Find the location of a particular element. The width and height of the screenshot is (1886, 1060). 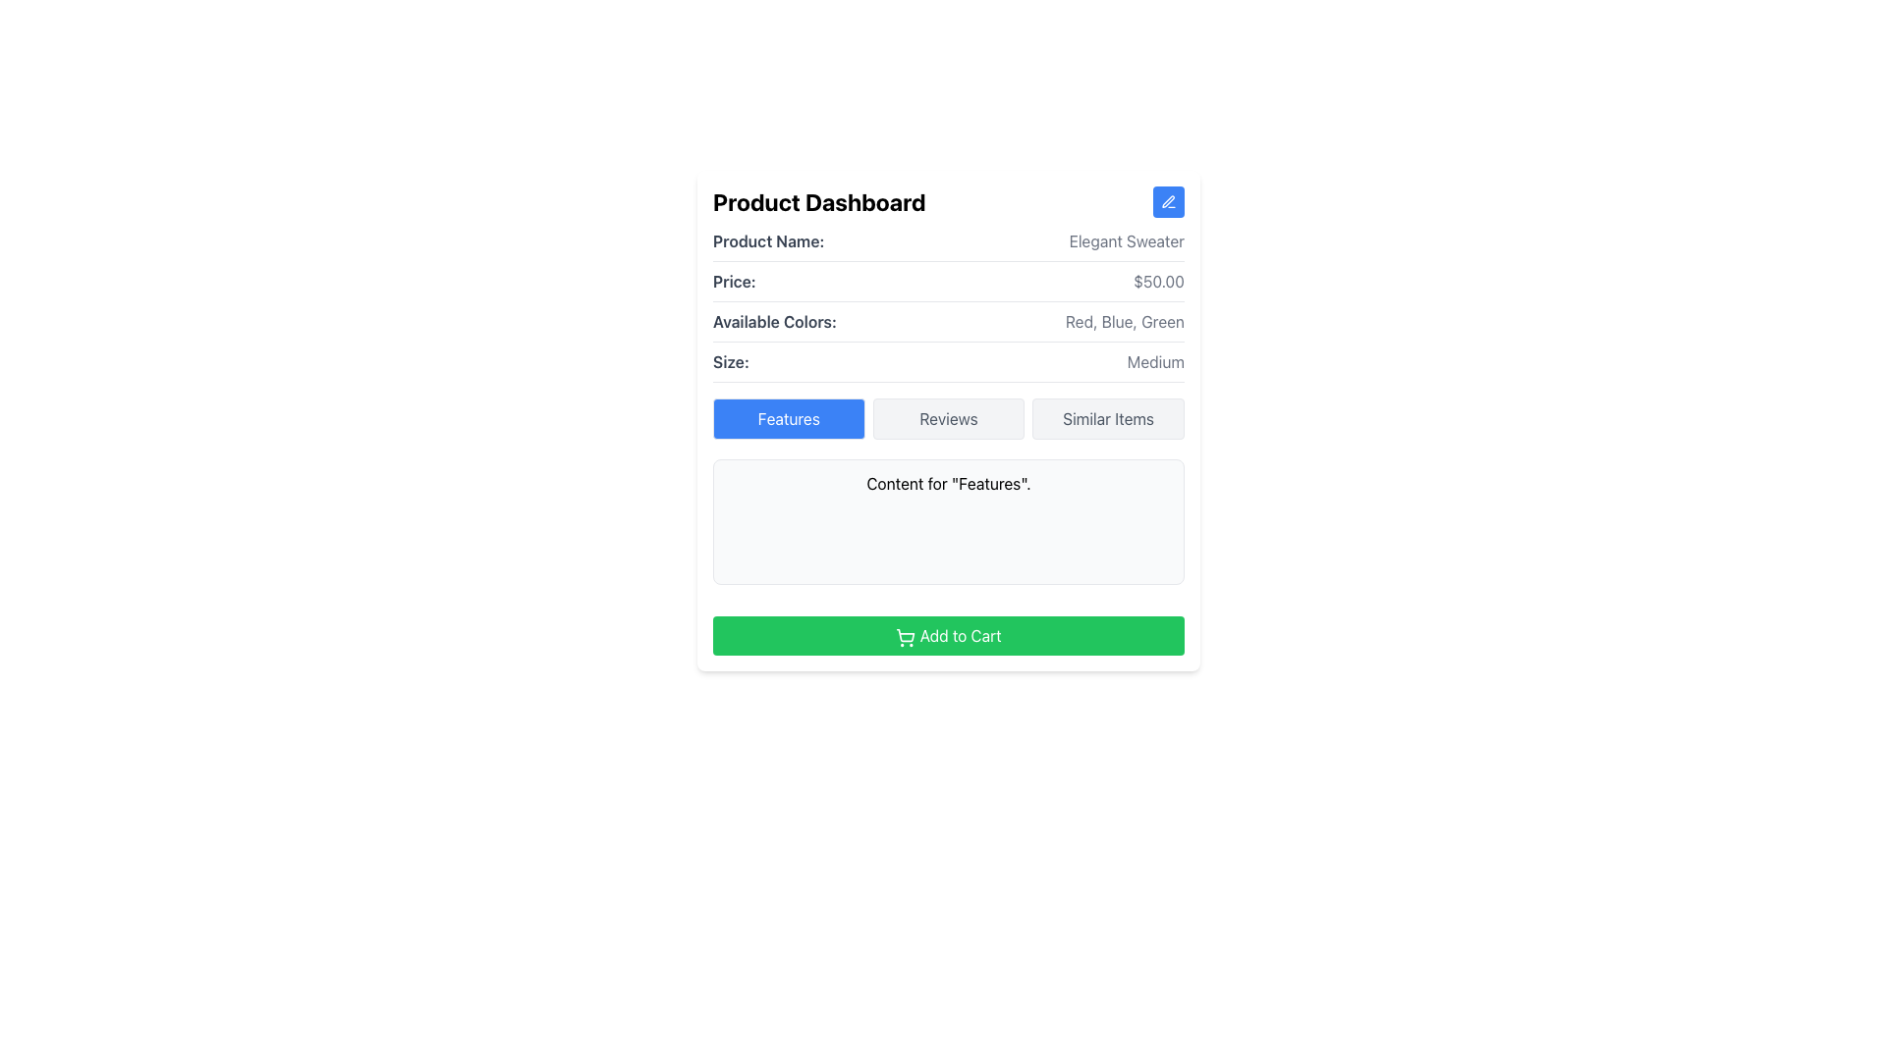

the Text Label displaying 'Red, Blue, Green', which is styled in gray and positioned next to the label 'Available Colors:' is located at coordinates (1125, 320).